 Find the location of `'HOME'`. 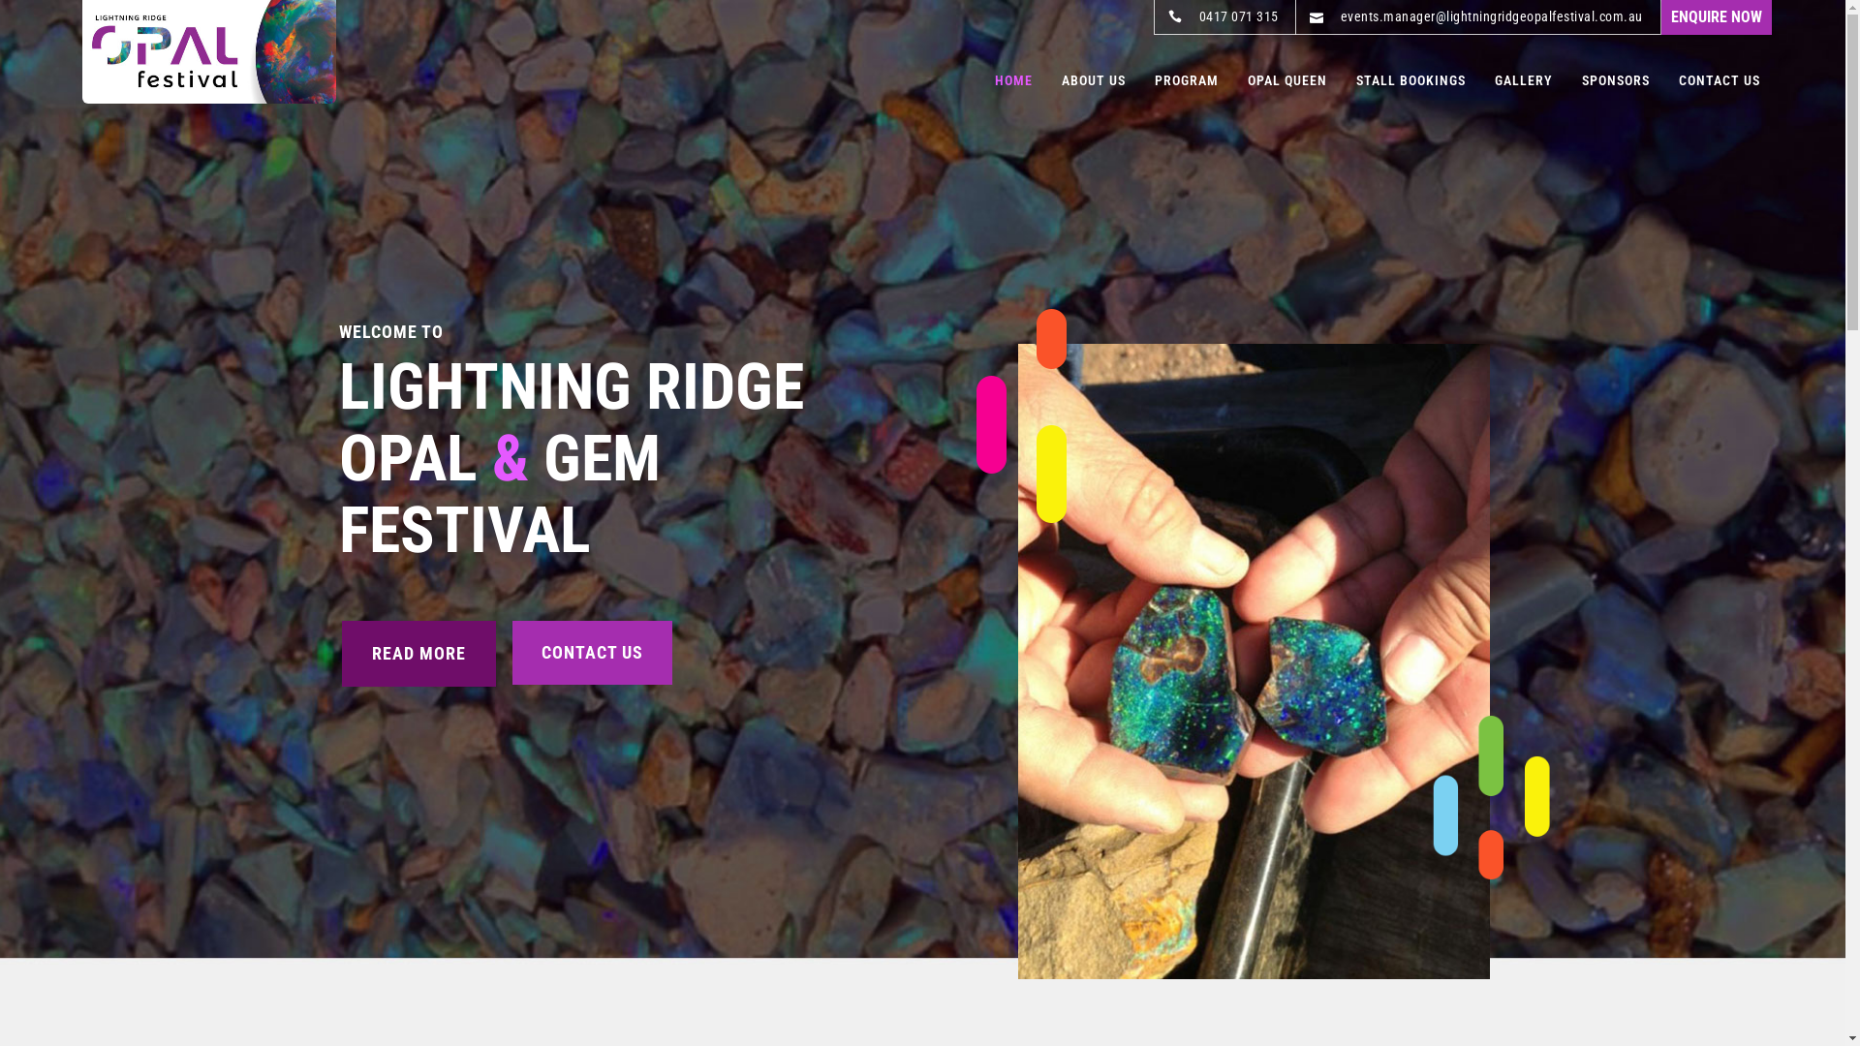

'HOME' is located at coordinates (995, 79).